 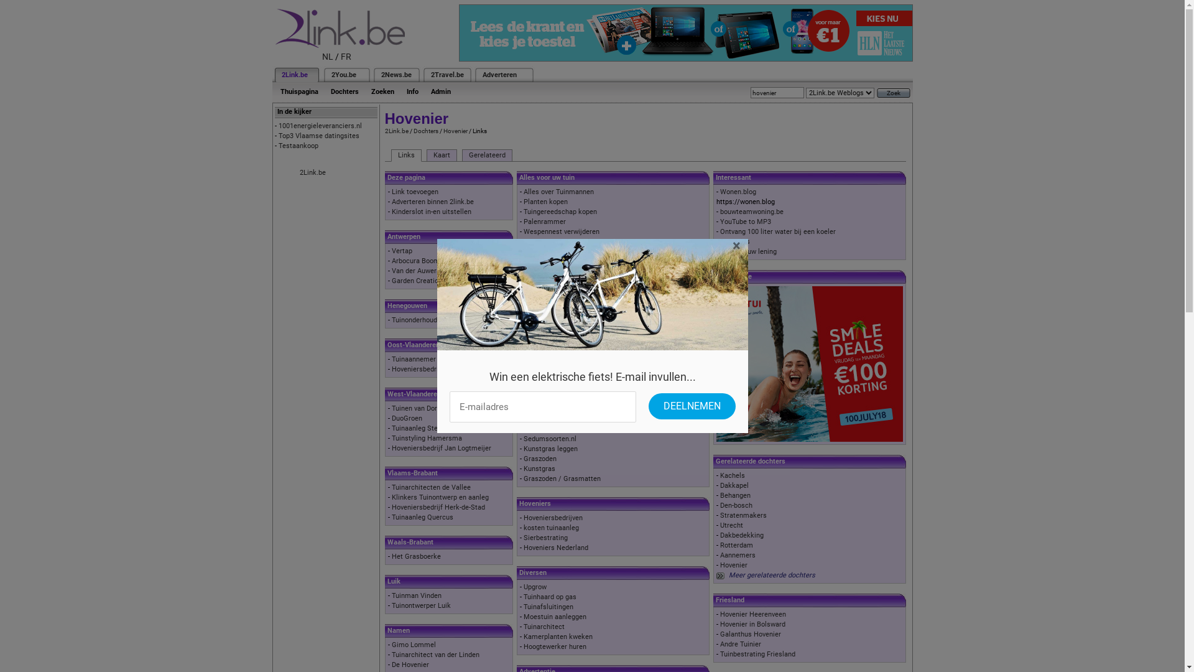 I want to click on 'Planten kopen', so click(x=523, y=201).